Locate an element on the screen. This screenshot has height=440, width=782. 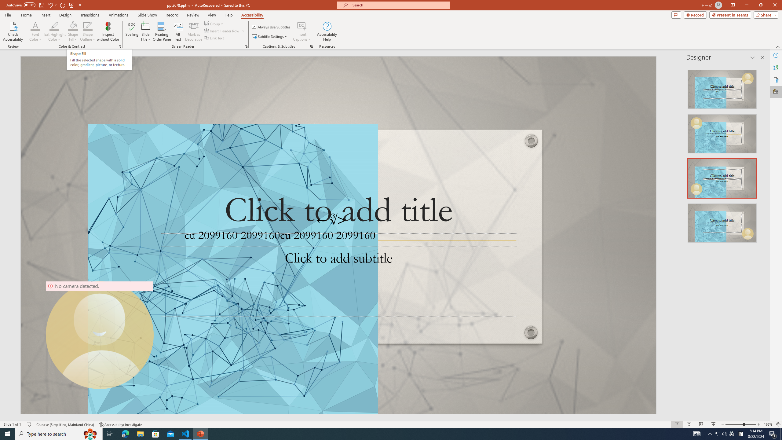
'Slide Title' is located at coordinates (145, 31).